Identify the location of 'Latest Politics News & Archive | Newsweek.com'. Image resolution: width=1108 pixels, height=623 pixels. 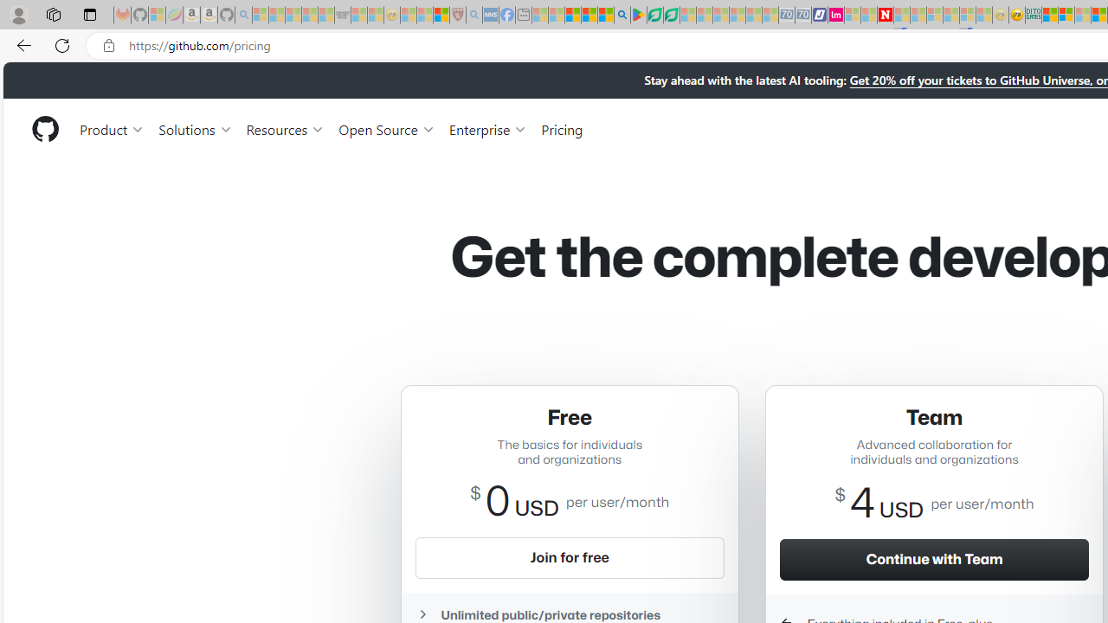
(885, 15).